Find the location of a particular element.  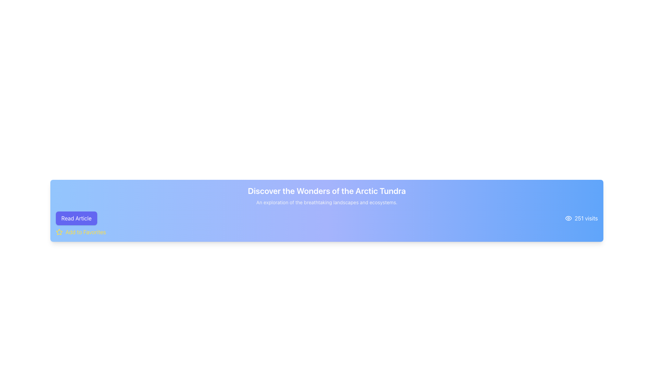

the star-shaped icon located within the 'Add to Favorites' button in the bottom-left corner of the interface is located at coordinates (59, 232).